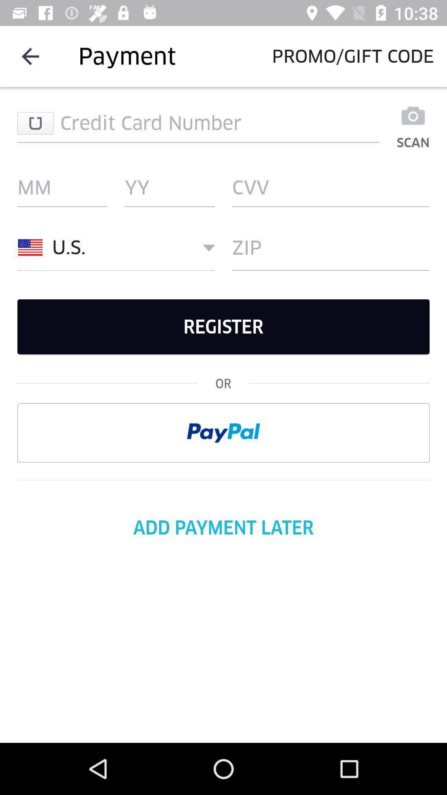 The image size is (447, 795). Describe the element at coordinates (198, 123) in the screenshot. I see `credit card number` at that location.